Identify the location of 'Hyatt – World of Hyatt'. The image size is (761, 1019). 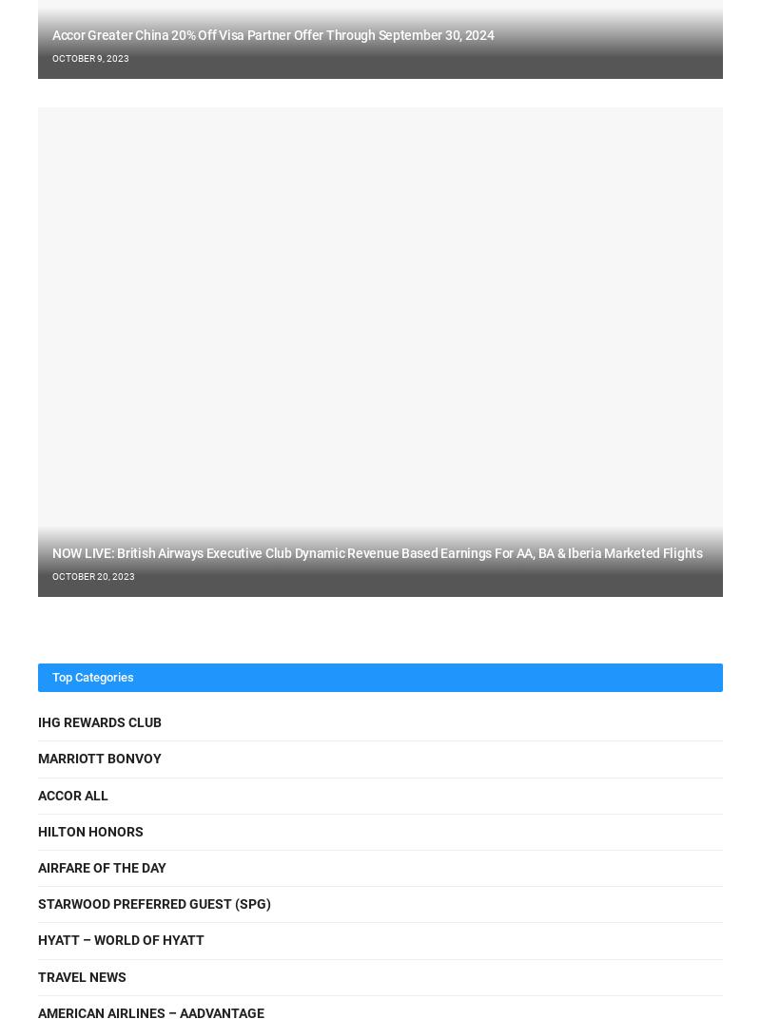
(120, 939).